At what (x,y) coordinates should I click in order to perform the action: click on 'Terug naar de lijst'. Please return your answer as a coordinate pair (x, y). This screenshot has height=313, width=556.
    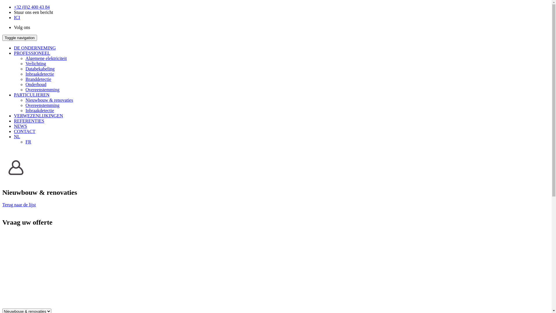
    Looking at the image, I should click on (2, 204).